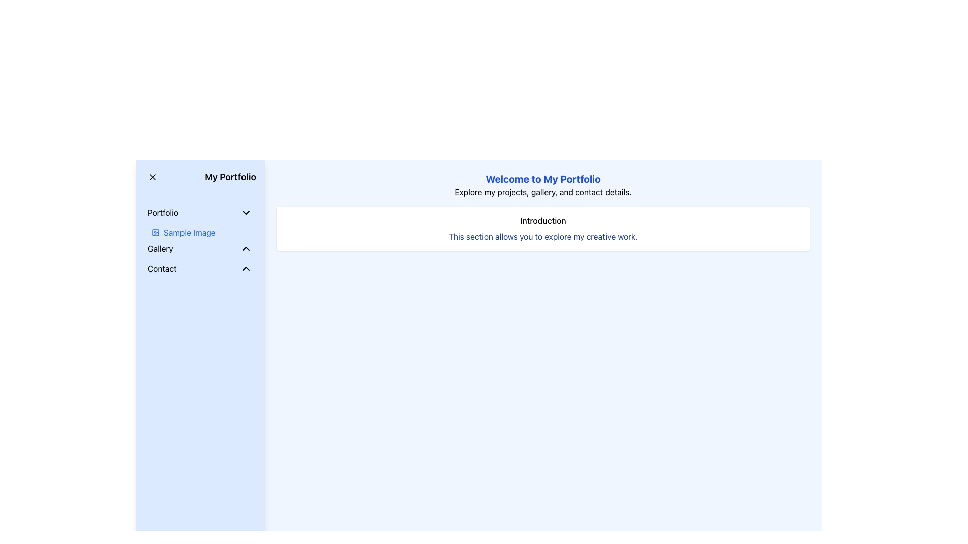  What do you see at coordinates (200, 241) in the screenshot?
I see `the Interactive Text Link with Icon located below the 'Portfolio' text and icon in the left navigation panel, second in the list under 'My Portfolio', for further interaction` at bounding box center [200, 241].